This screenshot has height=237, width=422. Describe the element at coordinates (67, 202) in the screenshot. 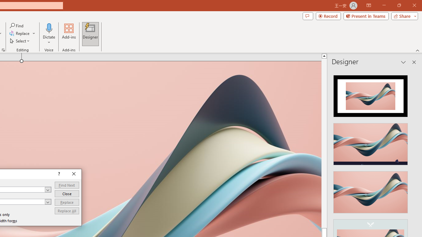

I see `'Replace'` at that location.